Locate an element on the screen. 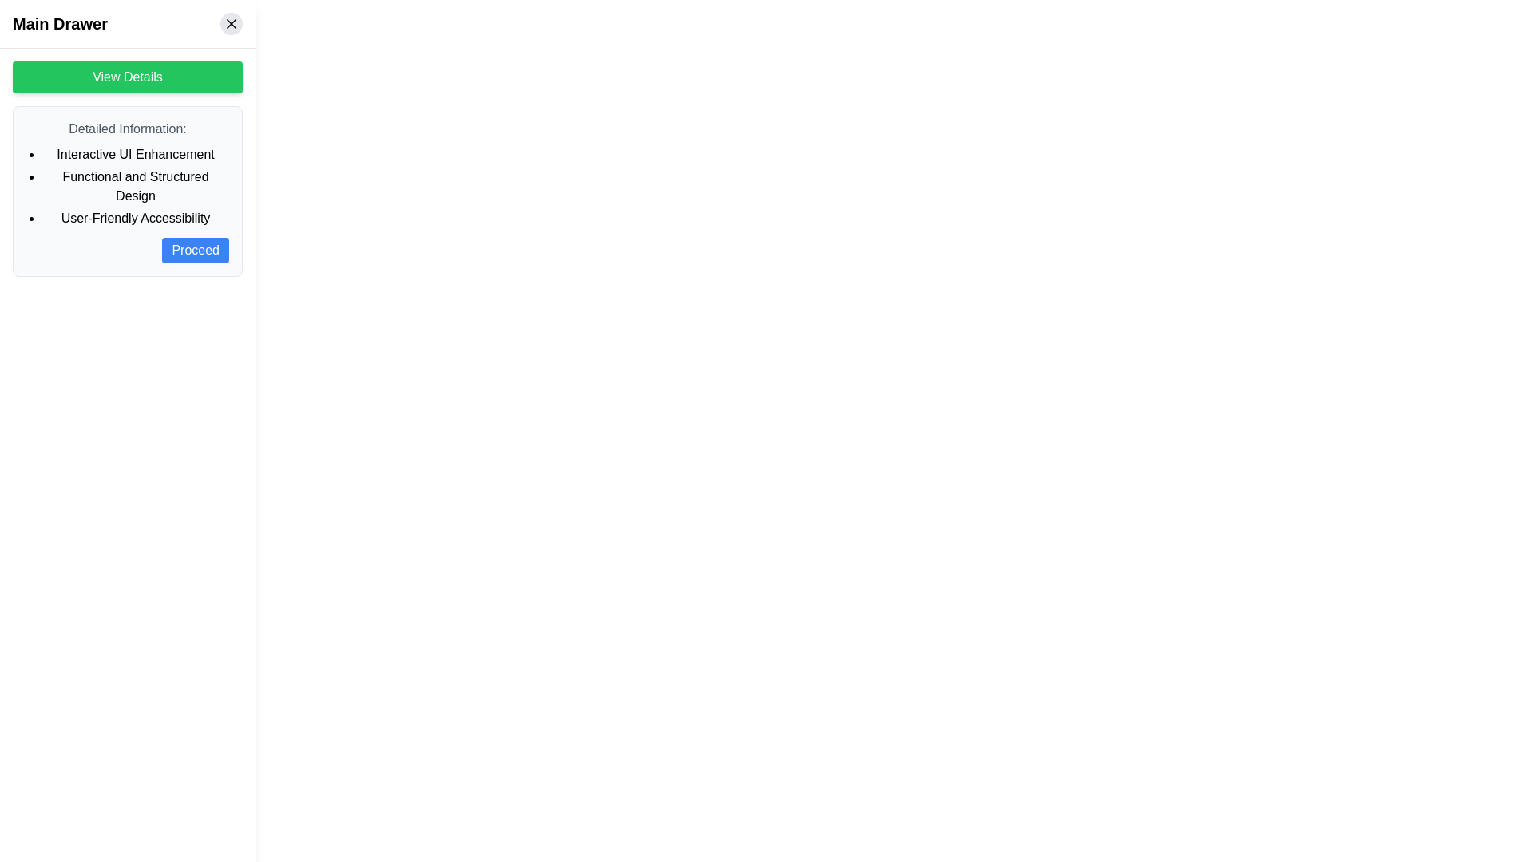  the second item in the unordered list located below the header 'Detailed Information:', which is styled with bullet points and positioned above the blue 'Proceed' button is located at coordinates (126, 186).